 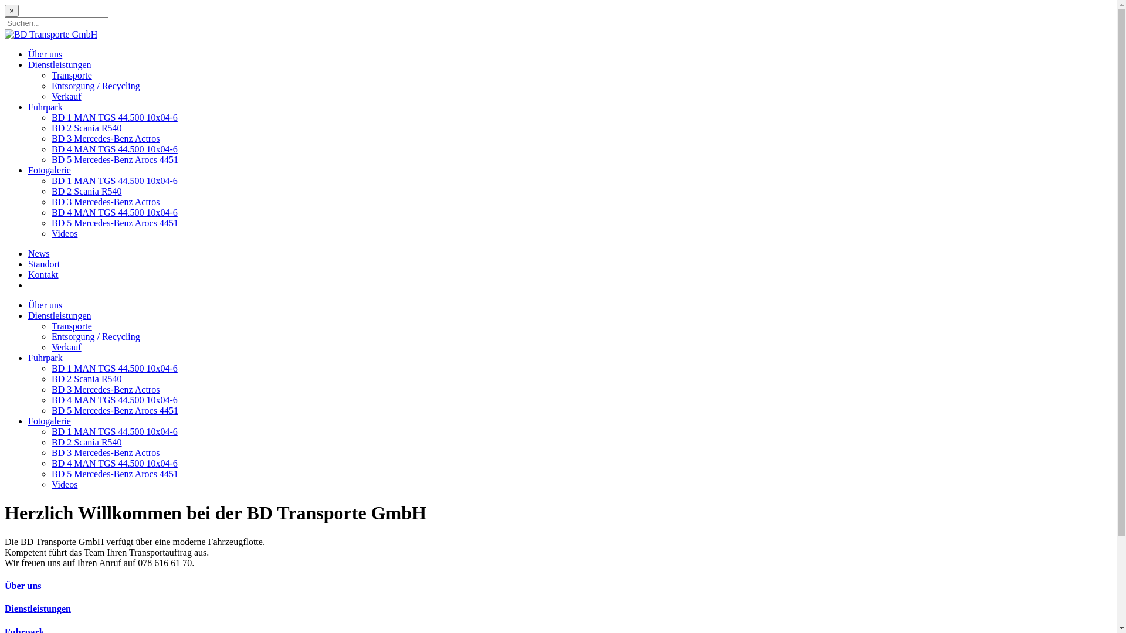 I want to click on 'BD 2 Scania R540', so click(x=86, y=128).